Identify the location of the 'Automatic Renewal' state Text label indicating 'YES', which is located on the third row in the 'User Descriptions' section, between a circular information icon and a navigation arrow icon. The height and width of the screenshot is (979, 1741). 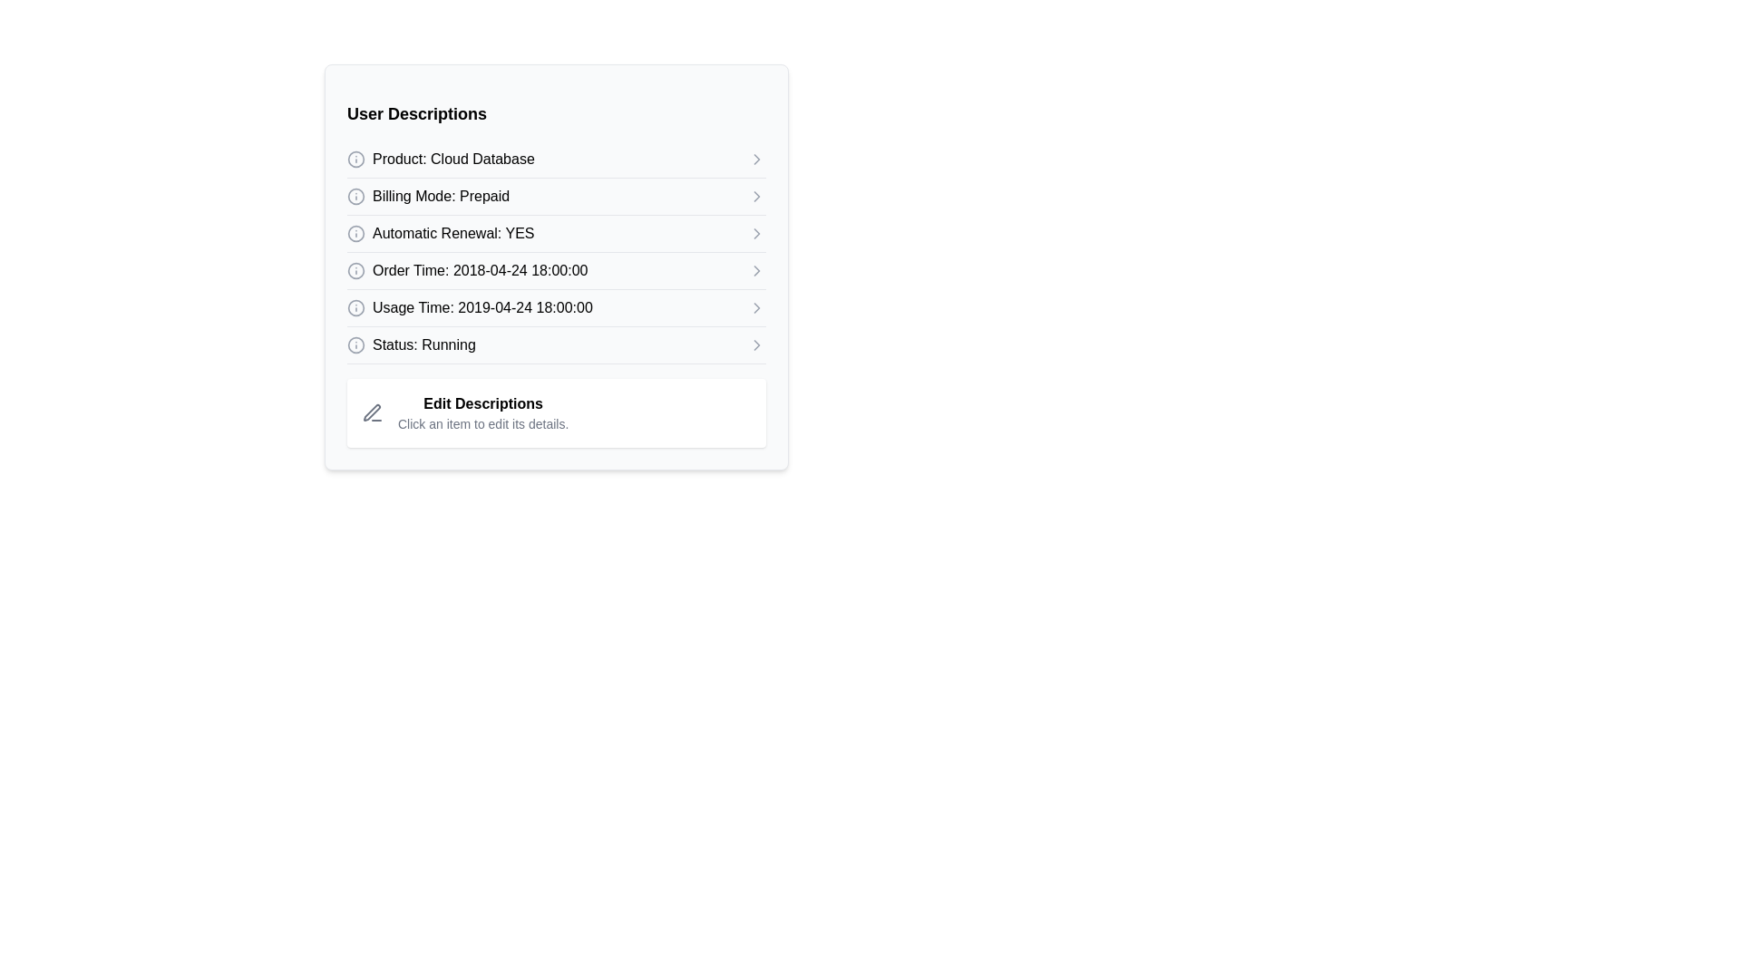
(453, 233).